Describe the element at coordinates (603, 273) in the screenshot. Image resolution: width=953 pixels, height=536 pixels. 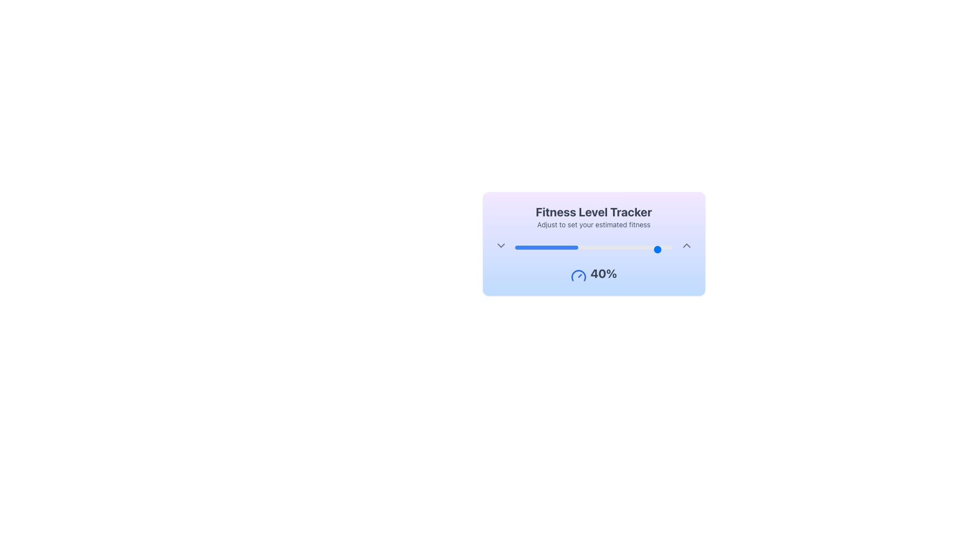
I see `the text element displaying '40%' in bold dark gray font, located within the 'Fitness Level Tracker' card, positioned below the slider and to the right of the gauge icon` at that location.